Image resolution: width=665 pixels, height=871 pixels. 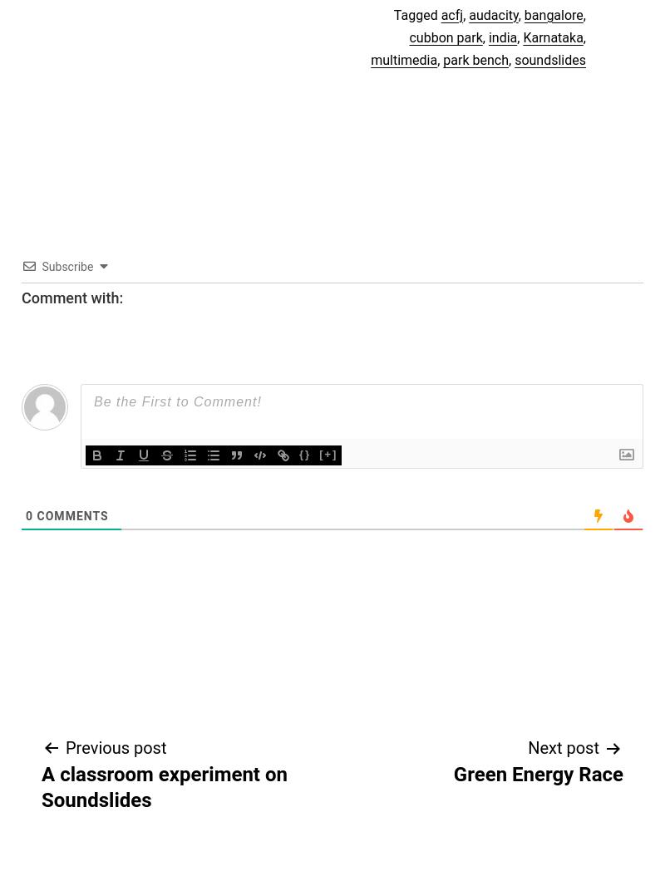 What do you see at coordinates (409, 36) in the screenshot?
I see `'cubbon park'` at bounding box center [409, 36].